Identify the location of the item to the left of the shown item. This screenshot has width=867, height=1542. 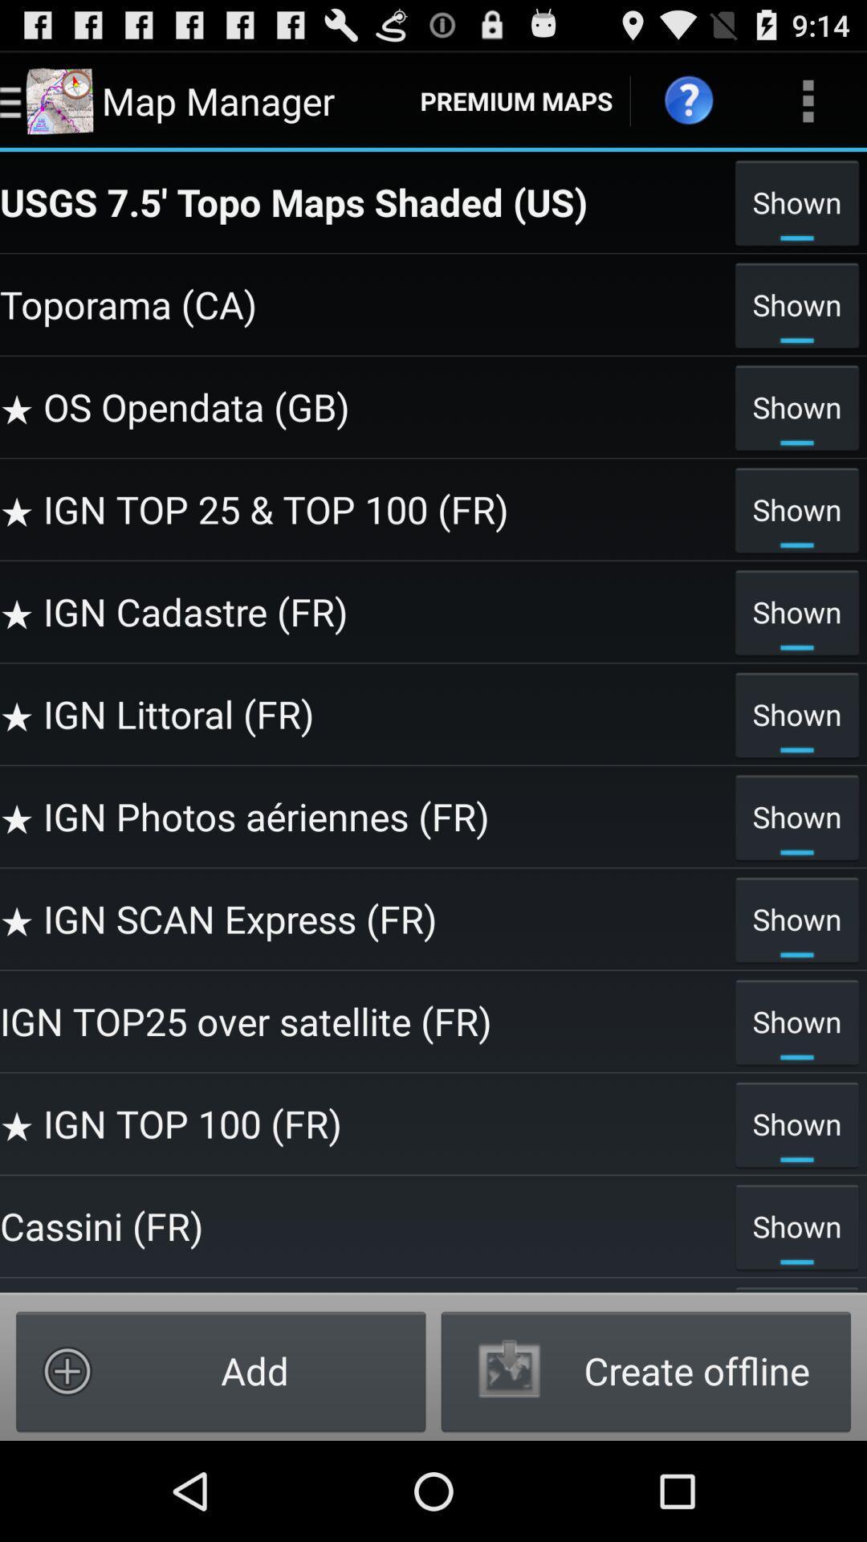
(363, 919).